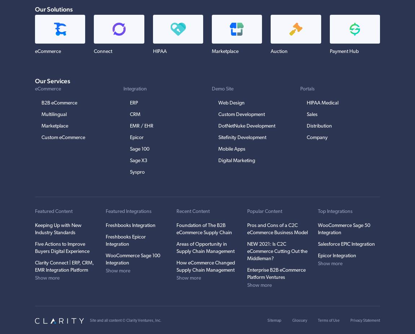 This screenshot has height=334, width=415. I want to click on 'Clarity Ventures, Inc', so click(143, 320).